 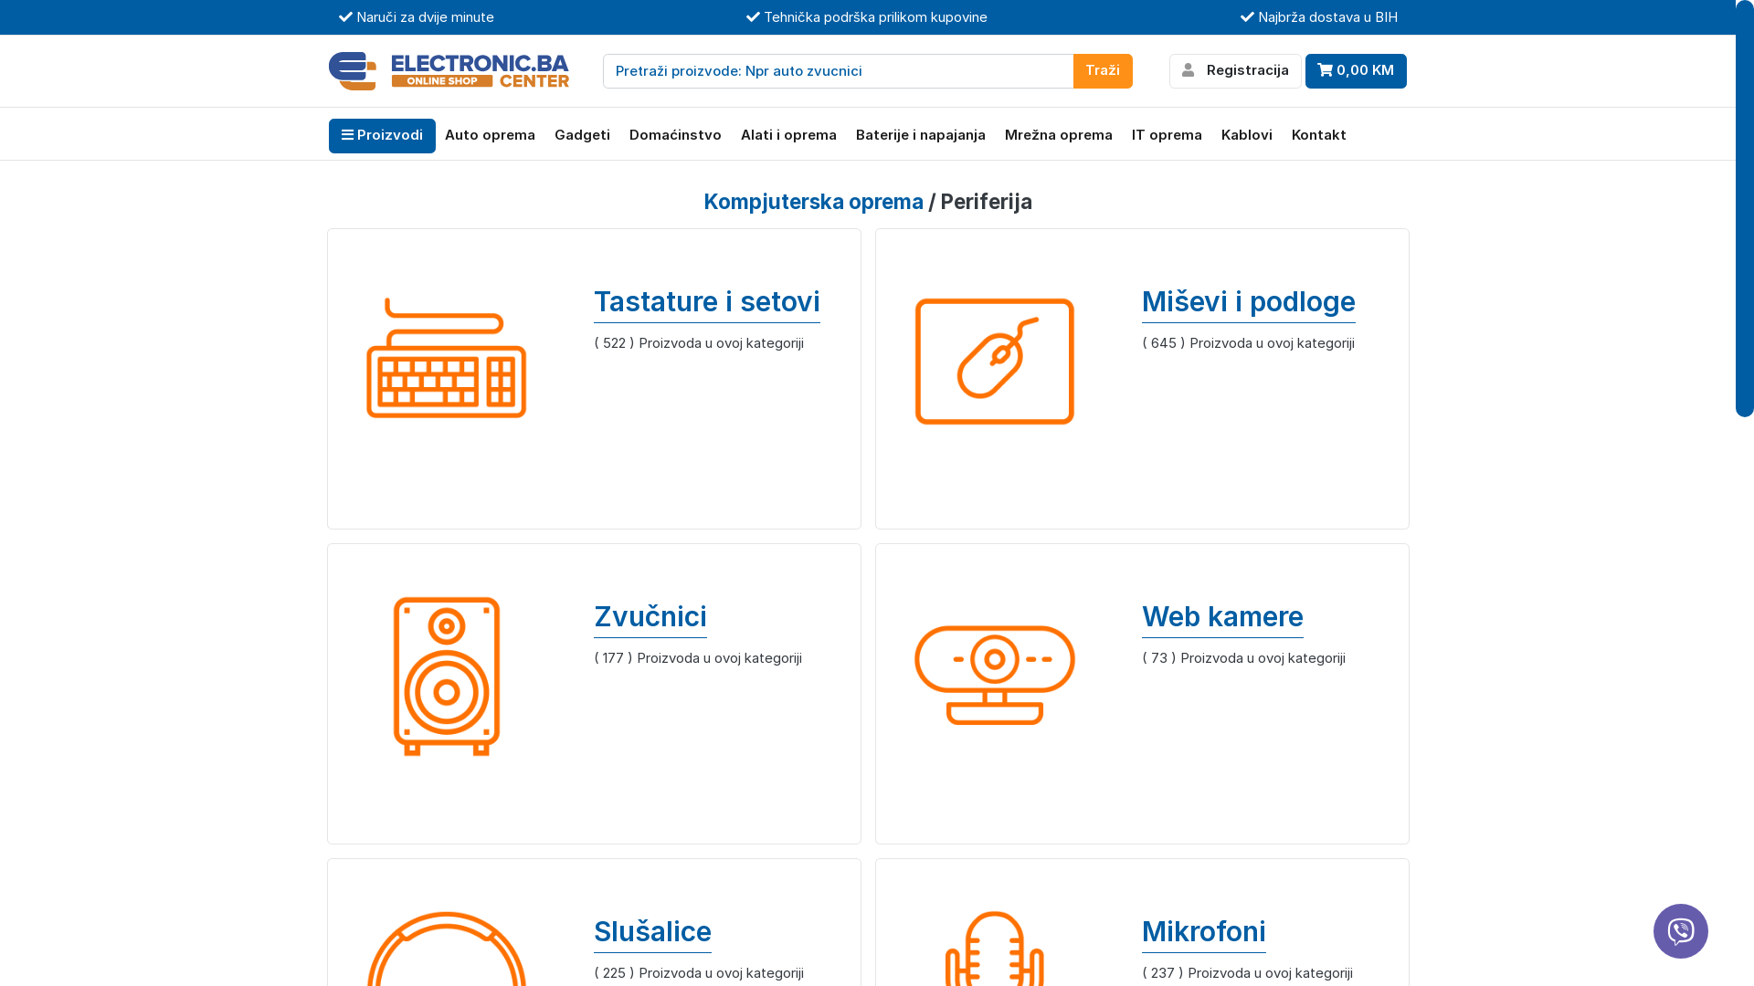 I want to click on 'Proizvodi', so click(x=381, y=135).